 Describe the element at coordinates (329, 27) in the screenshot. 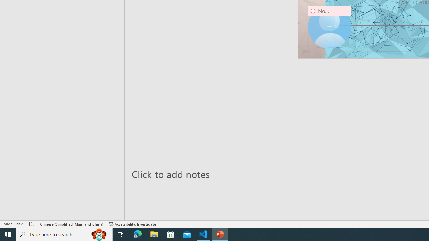

I see `'Camera 9, No camera detected.'` at that location.